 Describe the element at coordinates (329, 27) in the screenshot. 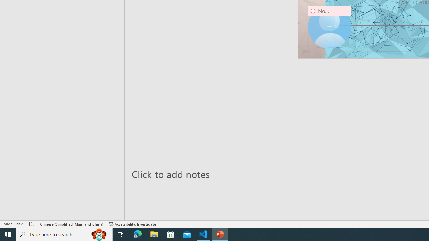

I see `'Camera 9, No camera detected.'` at that location.